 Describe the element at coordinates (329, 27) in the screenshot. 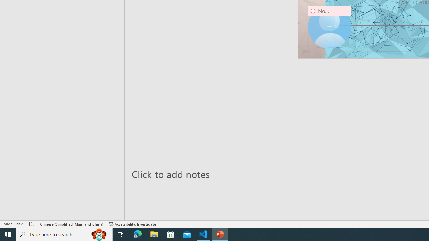

I see `'Camera 9, No camera detected.'` at that location.